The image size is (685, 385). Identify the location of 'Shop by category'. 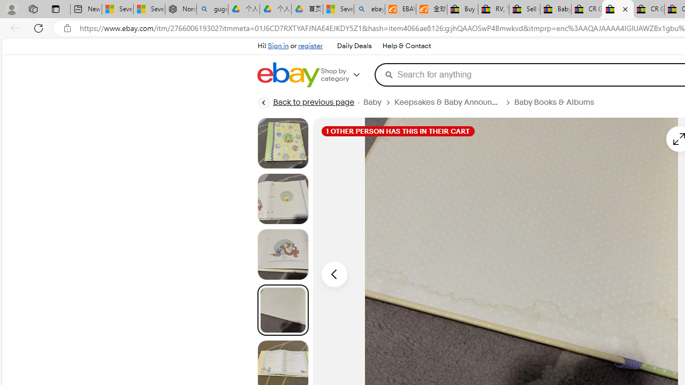
(347, 74).